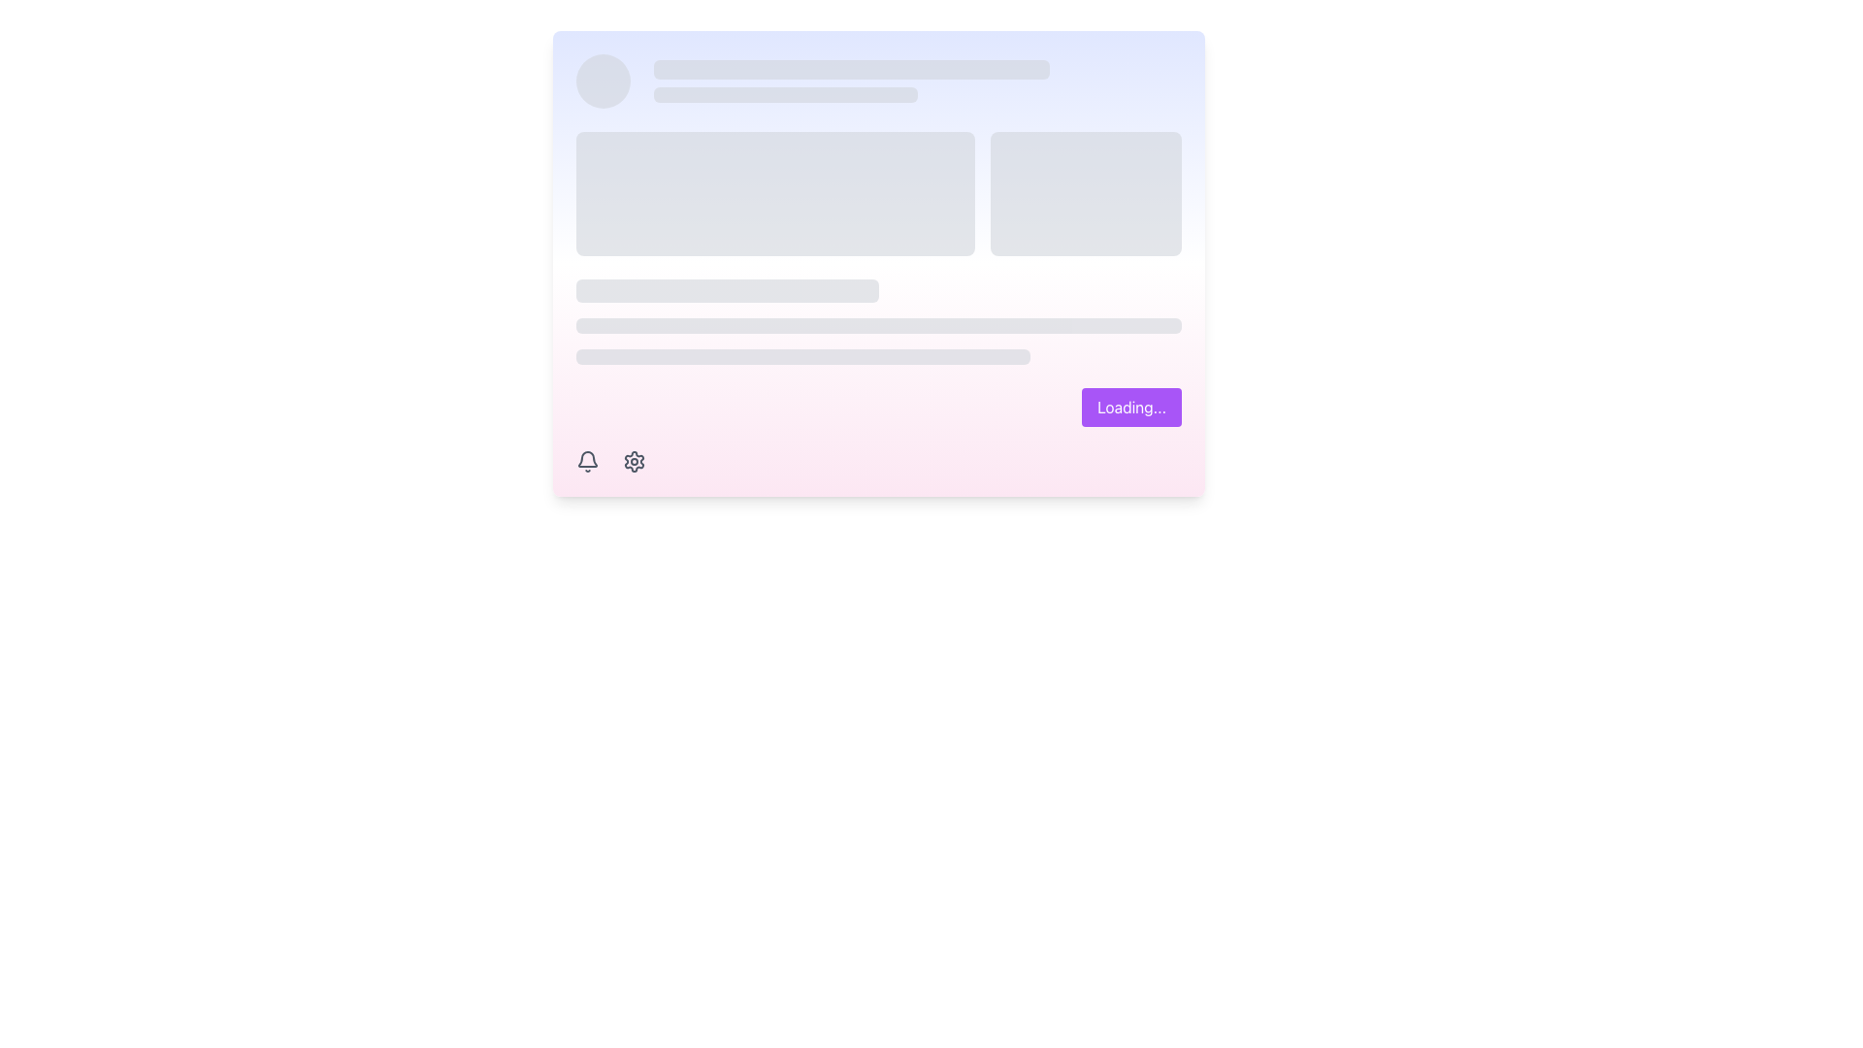 This screenshot has width=1863, height=1048. Describe the element at coordinates (634, 461) in the screenshot. I see `the settings icon located in the bottom-right section of the layout` at that location.